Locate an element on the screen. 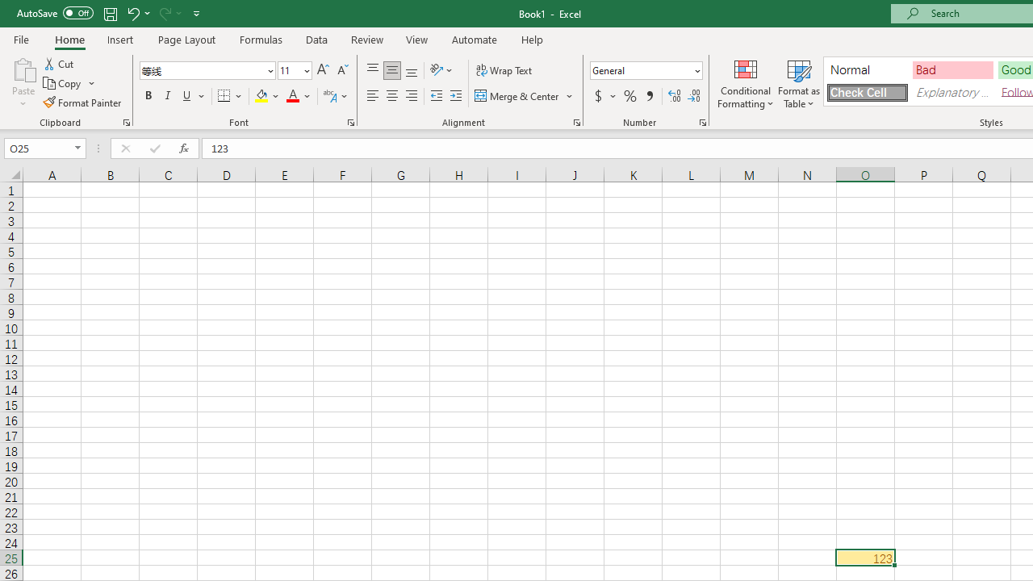  'Align Left' is located at coordinates (372, 96).